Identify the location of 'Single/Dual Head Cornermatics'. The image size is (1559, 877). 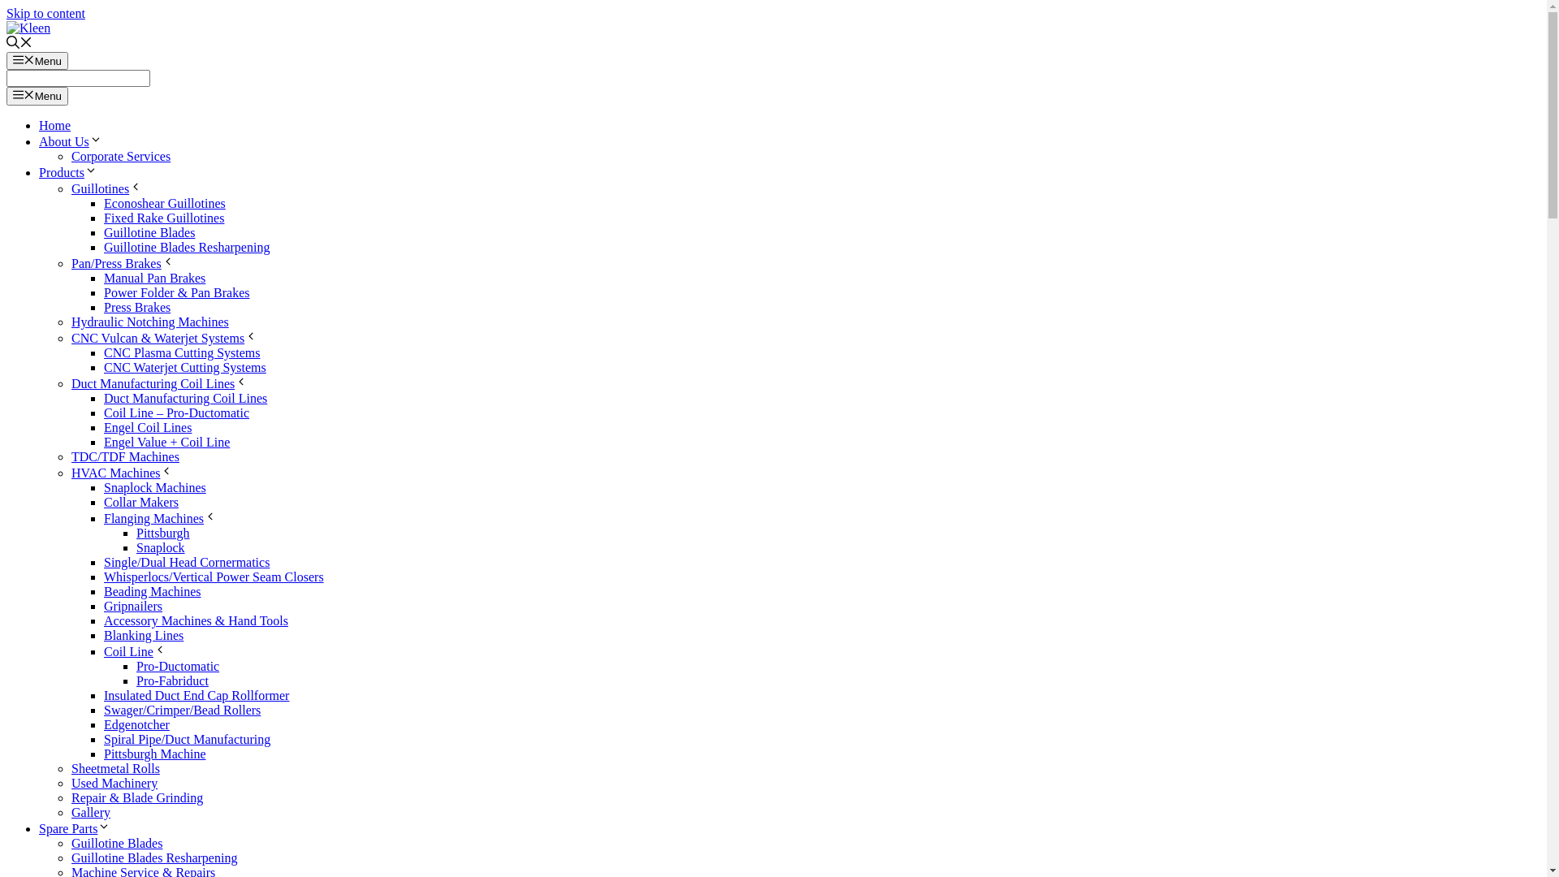
(187, 561).